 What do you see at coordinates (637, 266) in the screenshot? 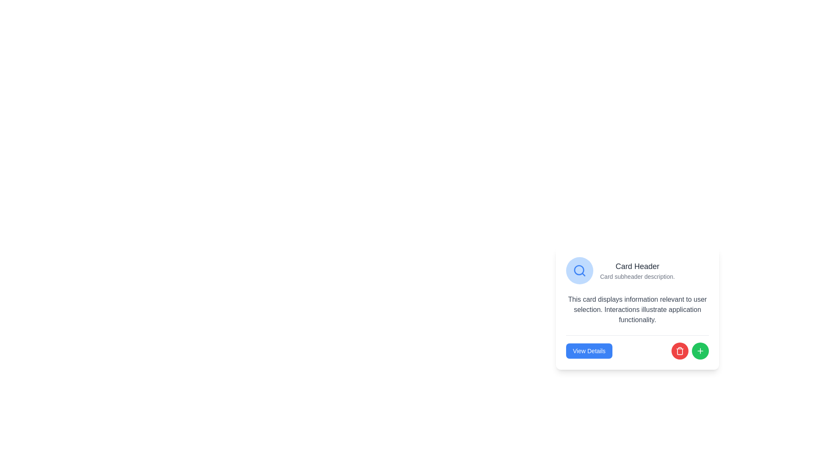
I see `the text header displaying 'Card Header', which is styled in bold with a larger font size and dark gray color, positioned at the top left of the card component` at bounding box center [637, 266].